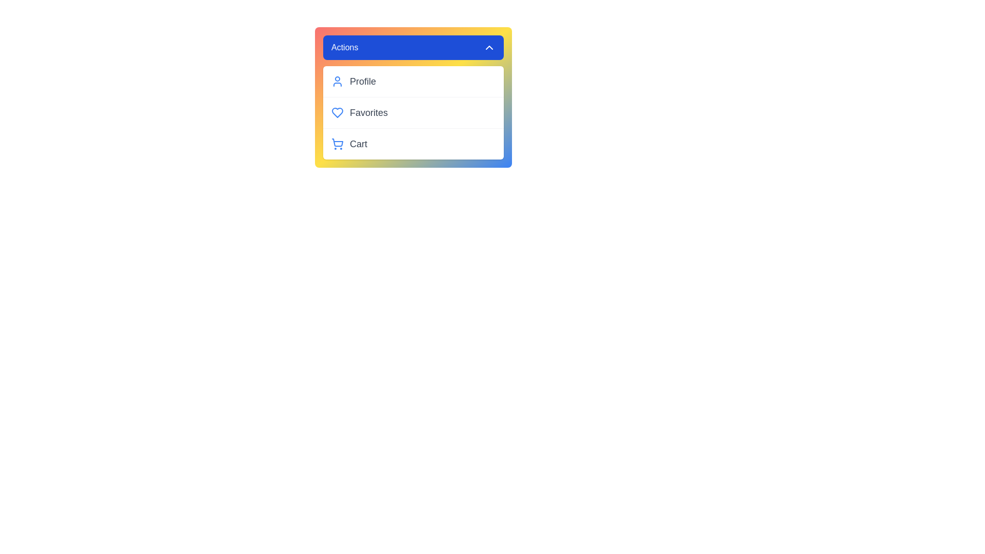 Image resolution: width=985 pixels, height=554 pixels. Describe the element at coordinates (359, 144) in the screenshot. I see `the 'Cart' text label, which is displayed in dark gray with a medium weight font, located in the dropdown section under 'Profile' and 'Favorites'` at that location.